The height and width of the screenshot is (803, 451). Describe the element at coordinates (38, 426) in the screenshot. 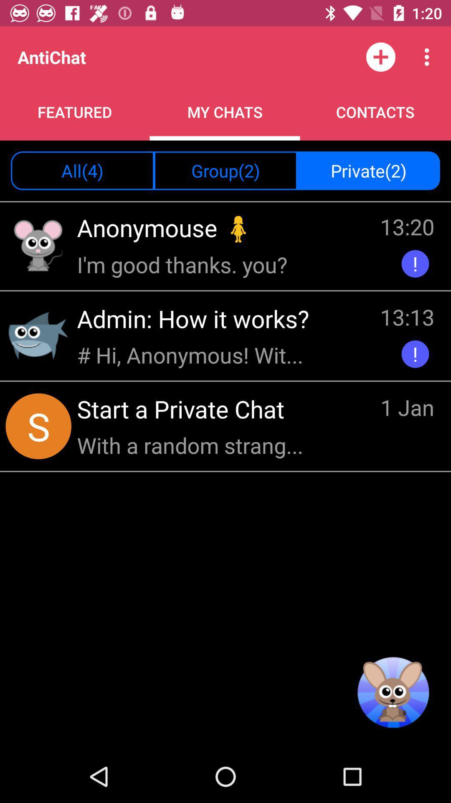

I see `the item to the left of the start a private` at that location.